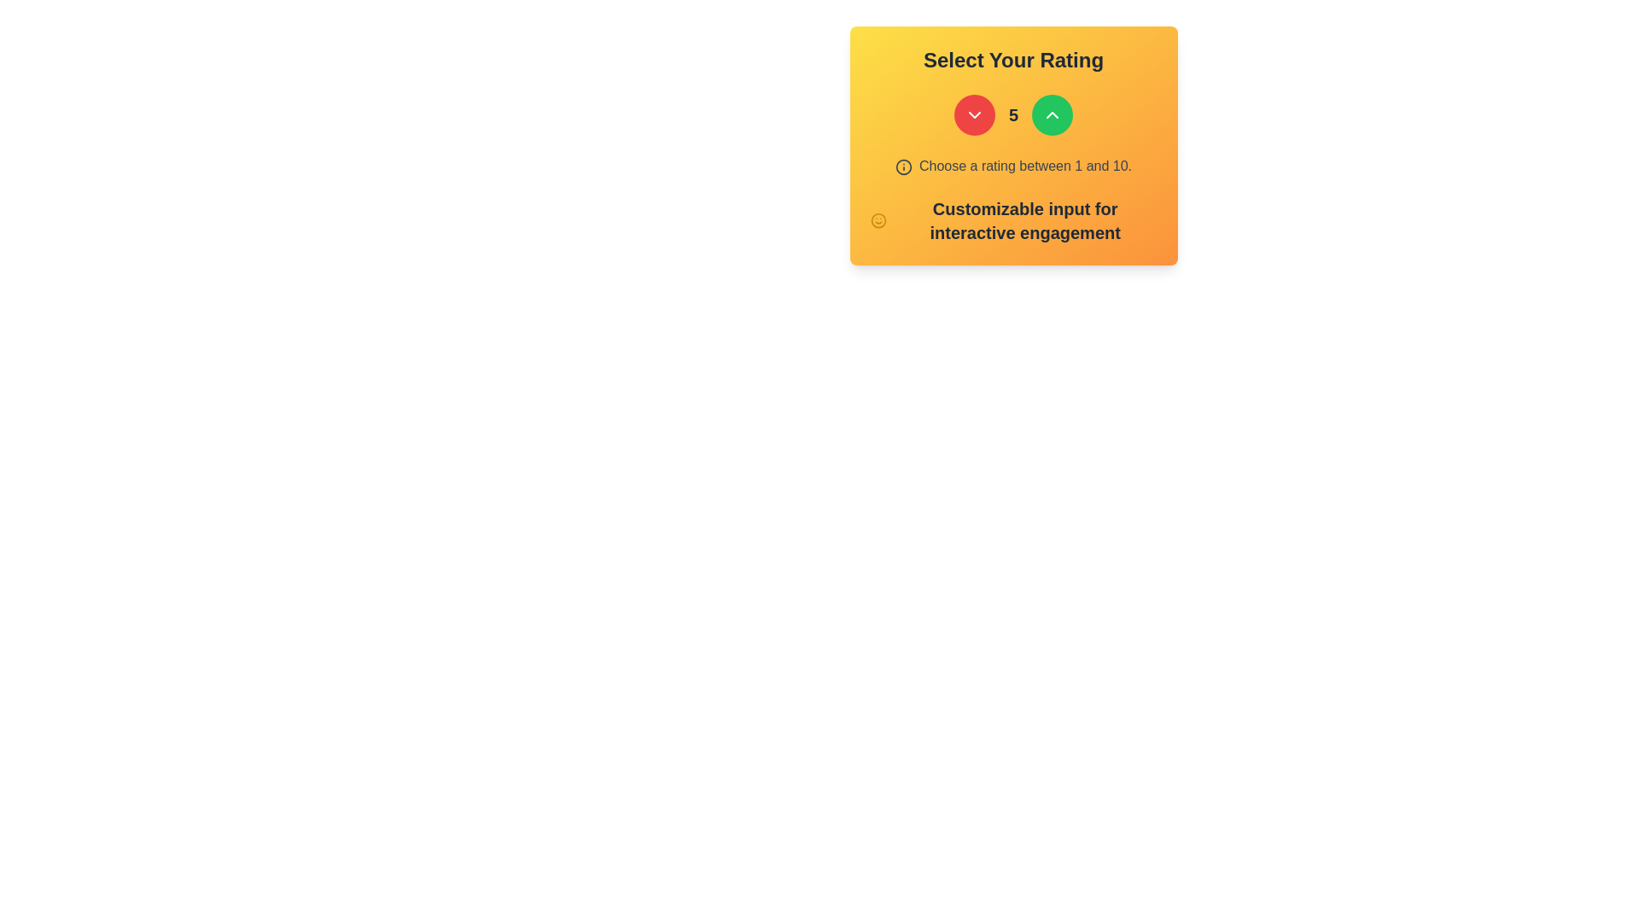 The height and width of the screenshot is (922, 1639). What do you see at coordinates (878, 219) in the screenshot?
I see `the circular yellow icon located in the bottom-left corner of the 'Select Your Rating' panel, which is positioned to the left of the text 'Customizable input for interactive engagement'` at bounding box center [878, 219].